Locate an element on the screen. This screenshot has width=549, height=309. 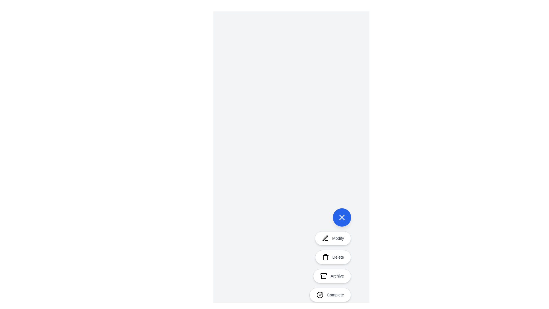
the 'Delete' button in the CustomSpeedDial component is located at coordinates (333, 257).